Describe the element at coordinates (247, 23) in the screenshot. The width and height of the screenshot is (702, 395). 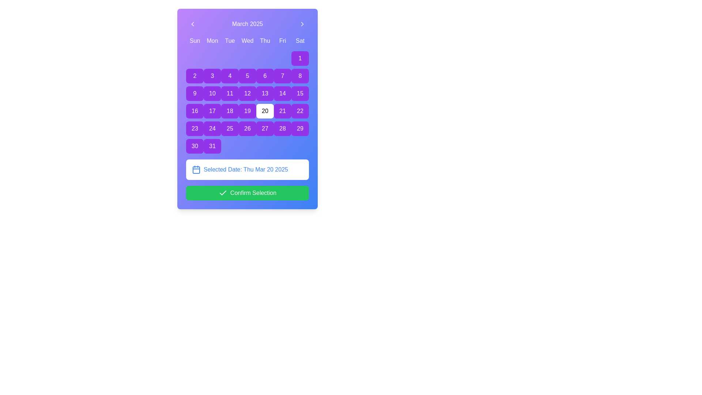
I see `the text label displaying 'March 2025', which is located at the top center of the calendar interface and has a white font color against a purple background` at that location.